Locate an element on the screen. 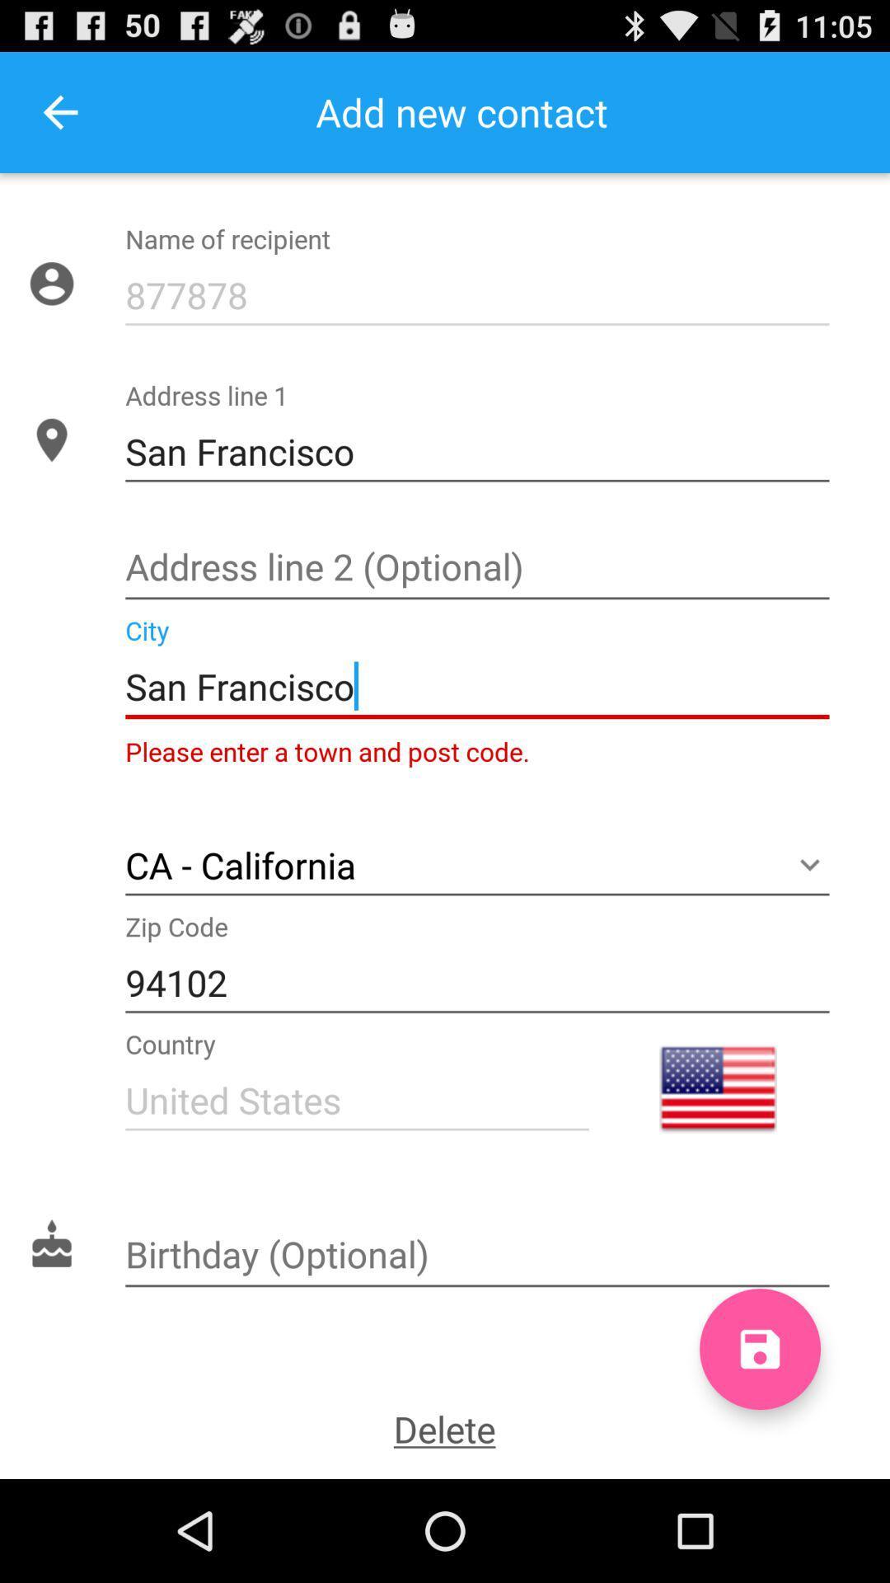 The width and height of the screenshot is (890, 1583). birth date text box is located at coordinates (477, 1256).